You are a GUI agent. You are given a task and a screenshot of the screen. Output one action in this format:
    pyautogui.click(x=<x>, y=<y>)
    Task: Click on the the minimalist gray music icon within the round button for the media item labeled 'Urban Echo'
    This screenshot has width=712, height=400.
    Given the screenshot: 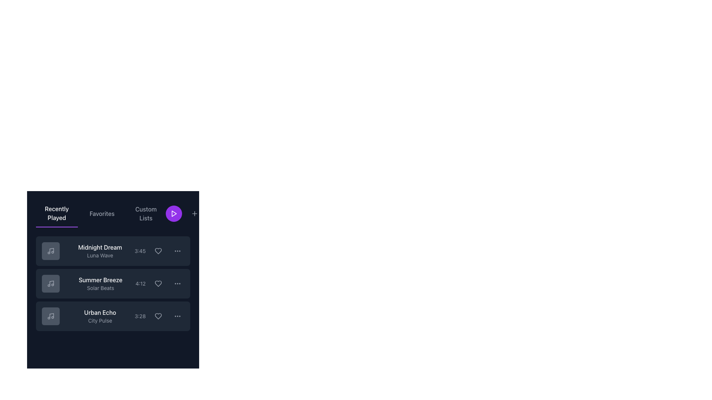 What is the action you would take?
    pyautogui.click(x=50, y=316)
    